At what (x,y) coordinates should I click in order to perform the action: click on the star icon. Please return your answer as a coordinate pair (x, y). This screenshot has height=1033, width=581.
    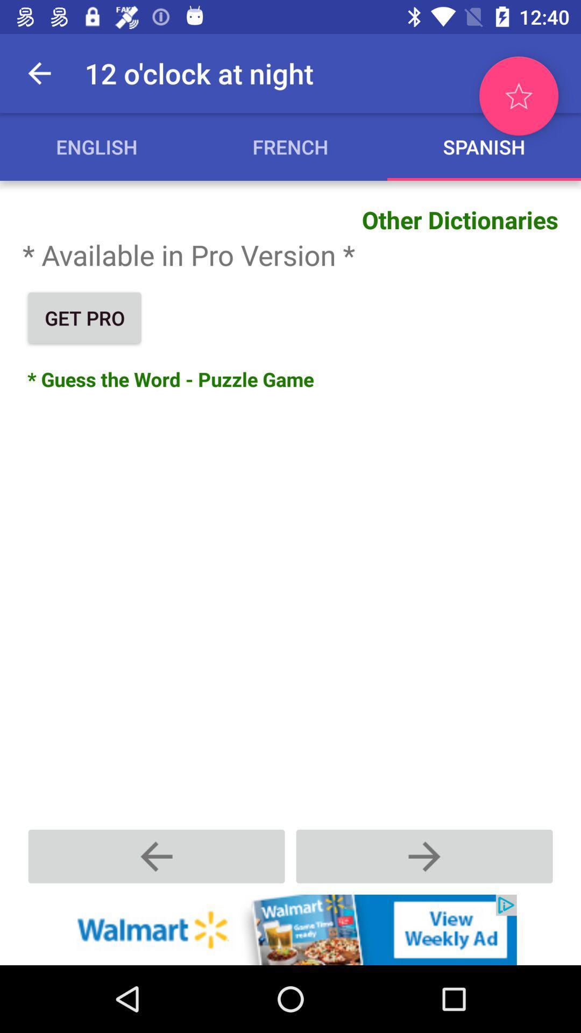
    Looking at the image, I should click on (518, 96).